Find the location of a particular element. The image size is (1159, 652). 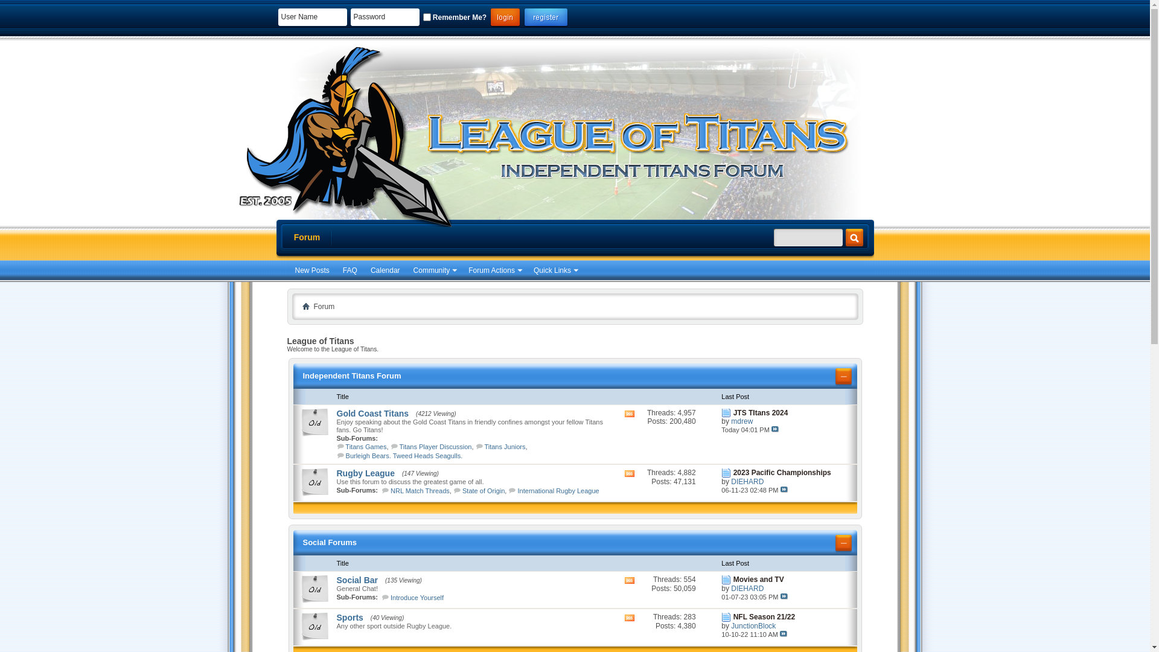

'Gold Coast Titans' is located at coordinates (372, 413).